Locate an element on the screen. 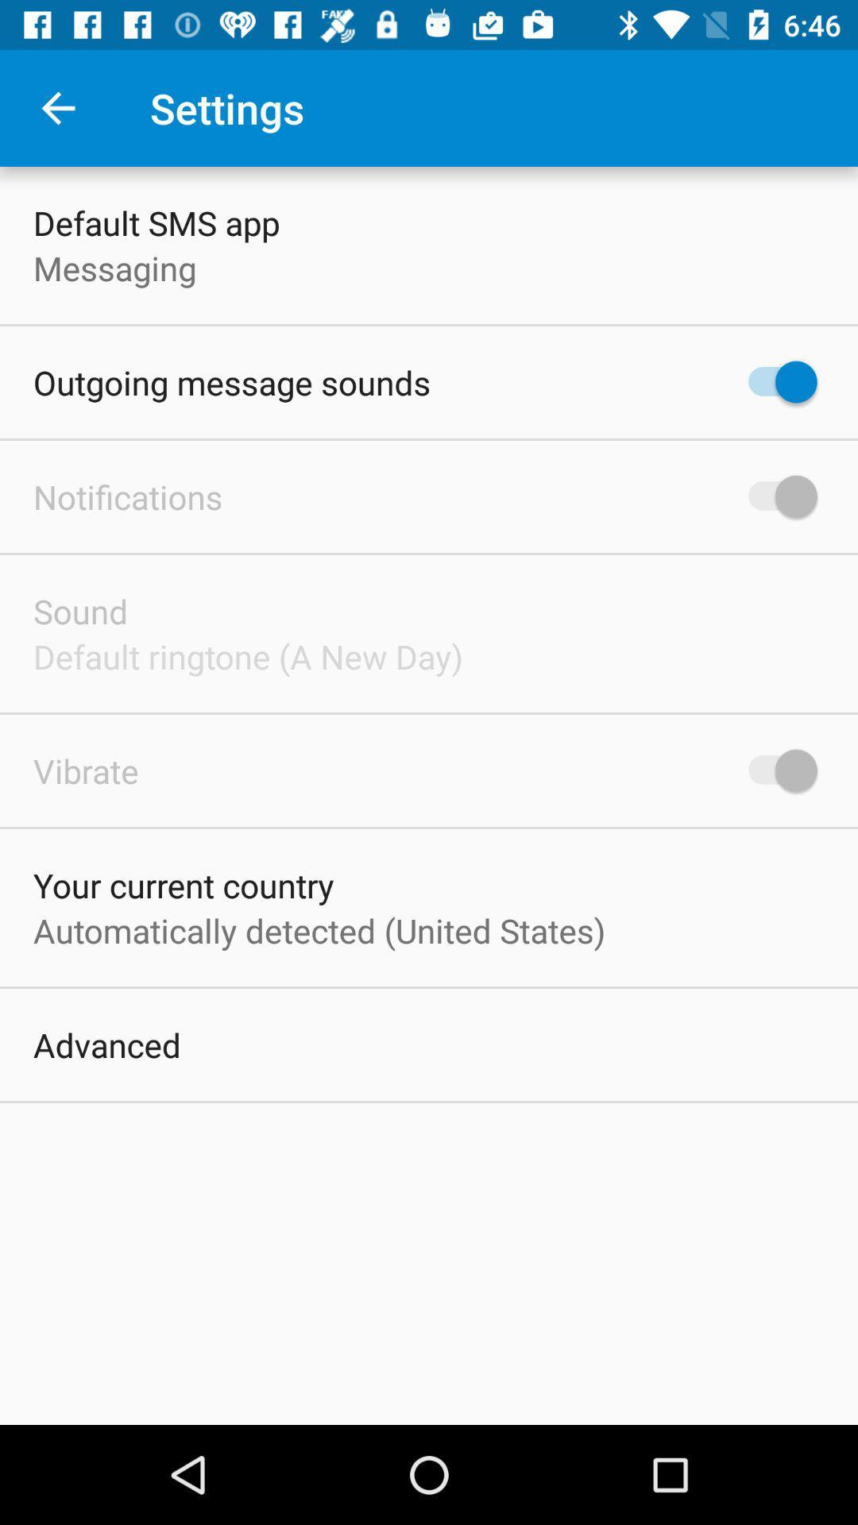 The width and height of the screenshot is (858, 1525). the item above your current country is located at coordinates (86, 770).